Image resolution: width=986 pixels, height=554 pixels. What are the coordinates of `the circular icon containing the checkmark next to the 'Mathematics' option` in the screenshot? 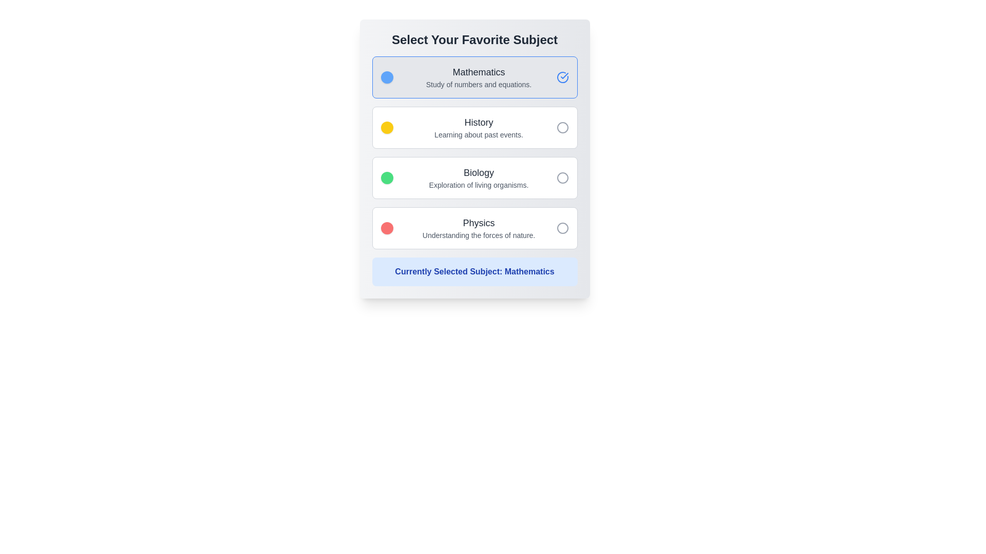 It's located at (564, 75).